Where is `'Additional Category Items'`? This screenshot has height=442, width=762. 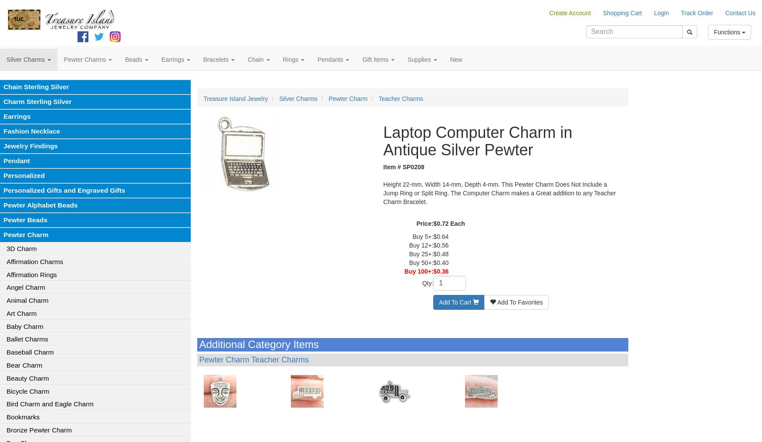
'Additional Category Items' is located at coordinates (199, 344).